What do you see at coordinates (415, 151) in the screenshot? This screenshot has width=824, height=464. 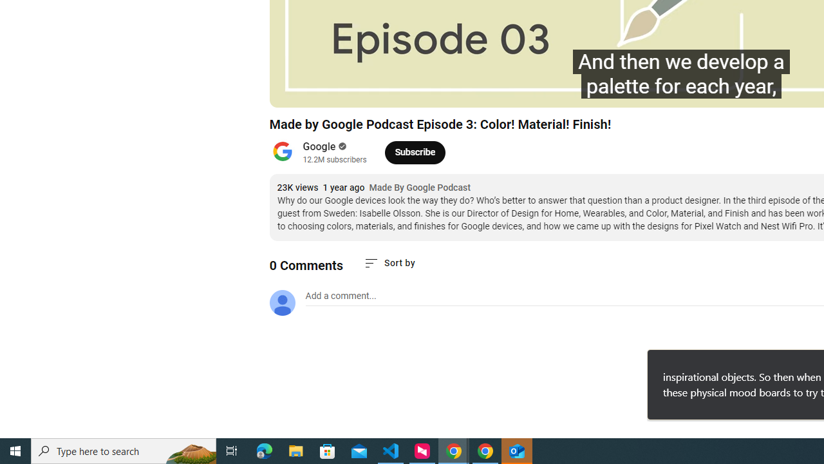 I see `'Subscribe to Google.'` at bounding box center [415, 151].